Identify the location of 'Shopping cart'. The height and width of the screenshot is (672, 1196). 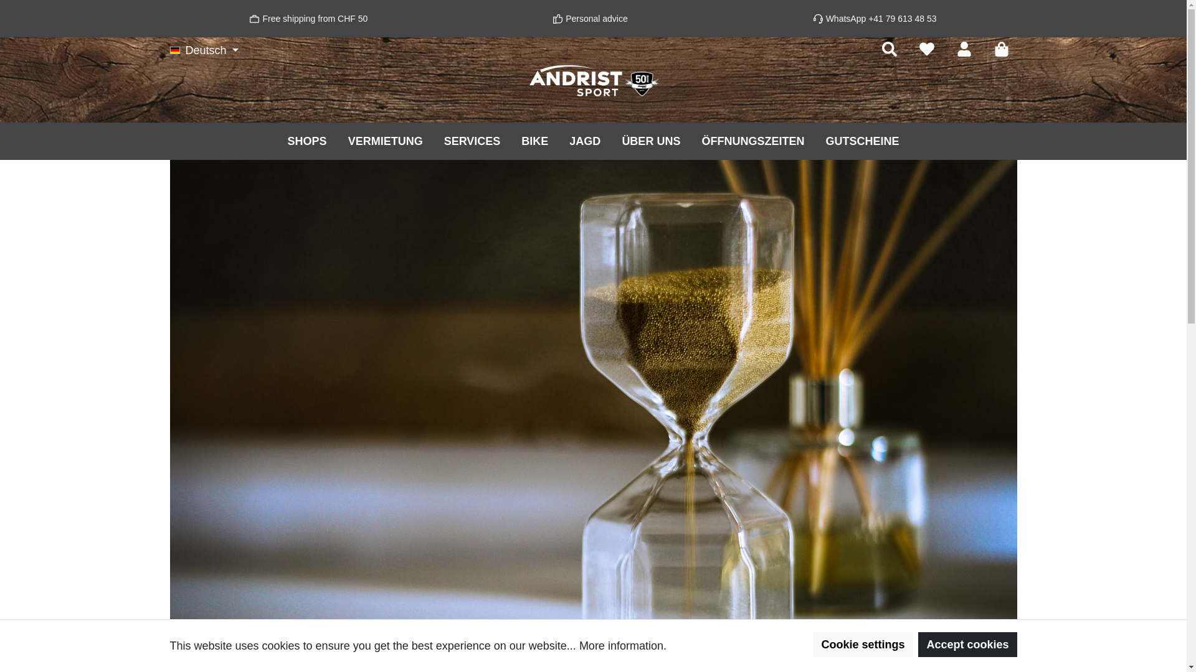
(1001, 48).